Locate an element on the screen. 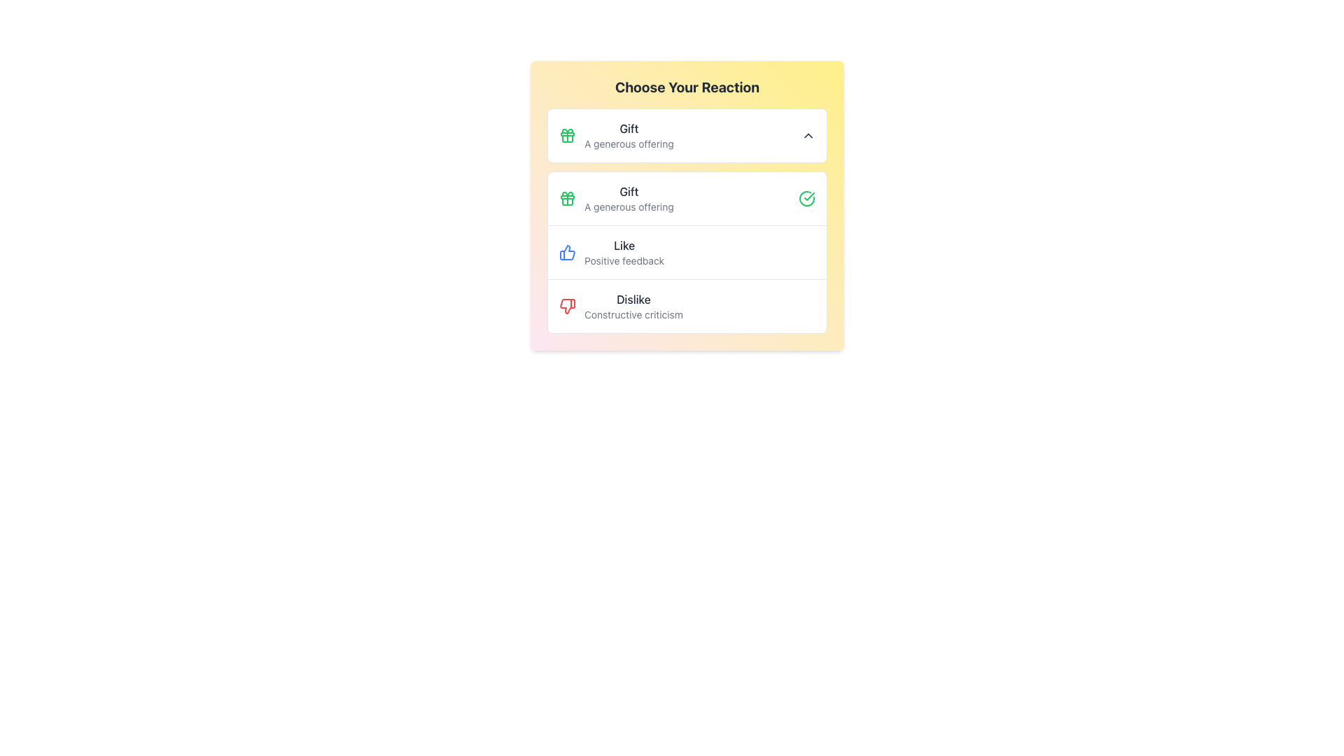  the static text label that displays 'Positive feedback', which is located underneath the 'Like' text in the third selectable card of a vertical stack of options is located at coordinates (624, 261).